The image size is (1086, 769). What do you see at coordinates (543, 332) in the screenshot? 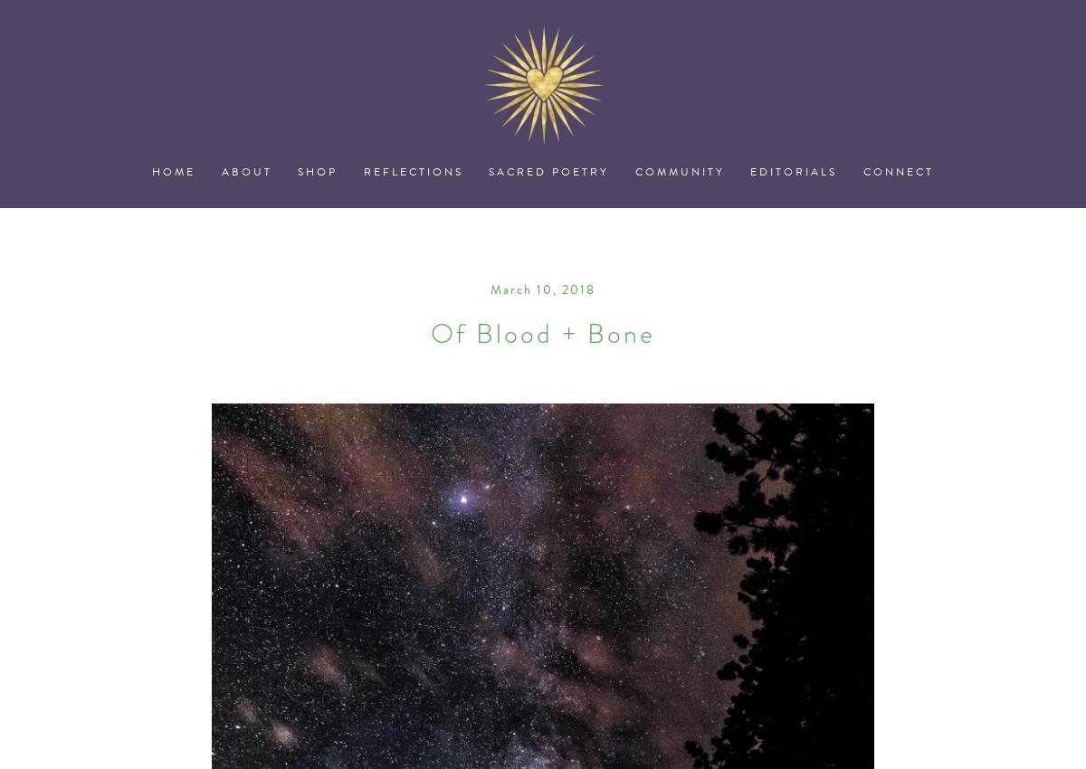
I see `'Of blood + bone'` at bounding box center [543, 332].